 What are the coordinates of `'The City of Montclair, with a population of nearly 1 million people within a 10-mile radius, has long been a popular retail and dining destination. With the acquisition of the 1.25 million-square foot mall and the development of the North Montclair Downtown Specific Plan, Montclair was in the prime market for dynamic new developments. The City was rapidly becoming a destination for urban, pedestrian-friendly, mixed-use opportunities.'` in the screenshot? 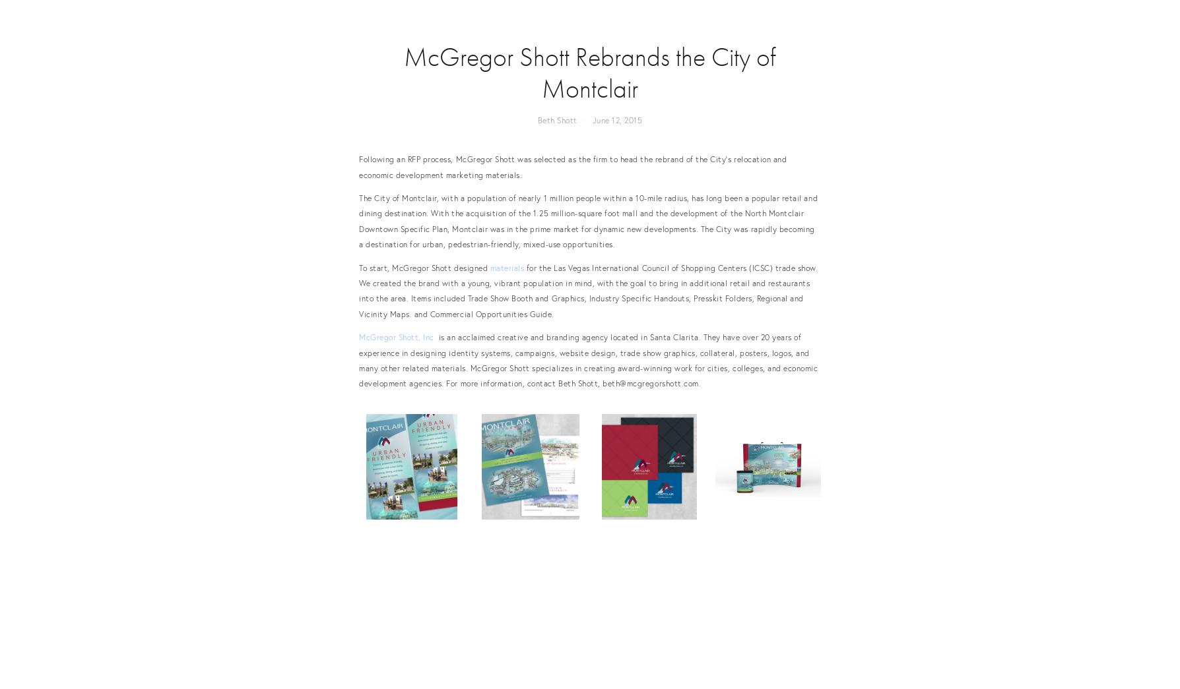 It's located at (587, 221).